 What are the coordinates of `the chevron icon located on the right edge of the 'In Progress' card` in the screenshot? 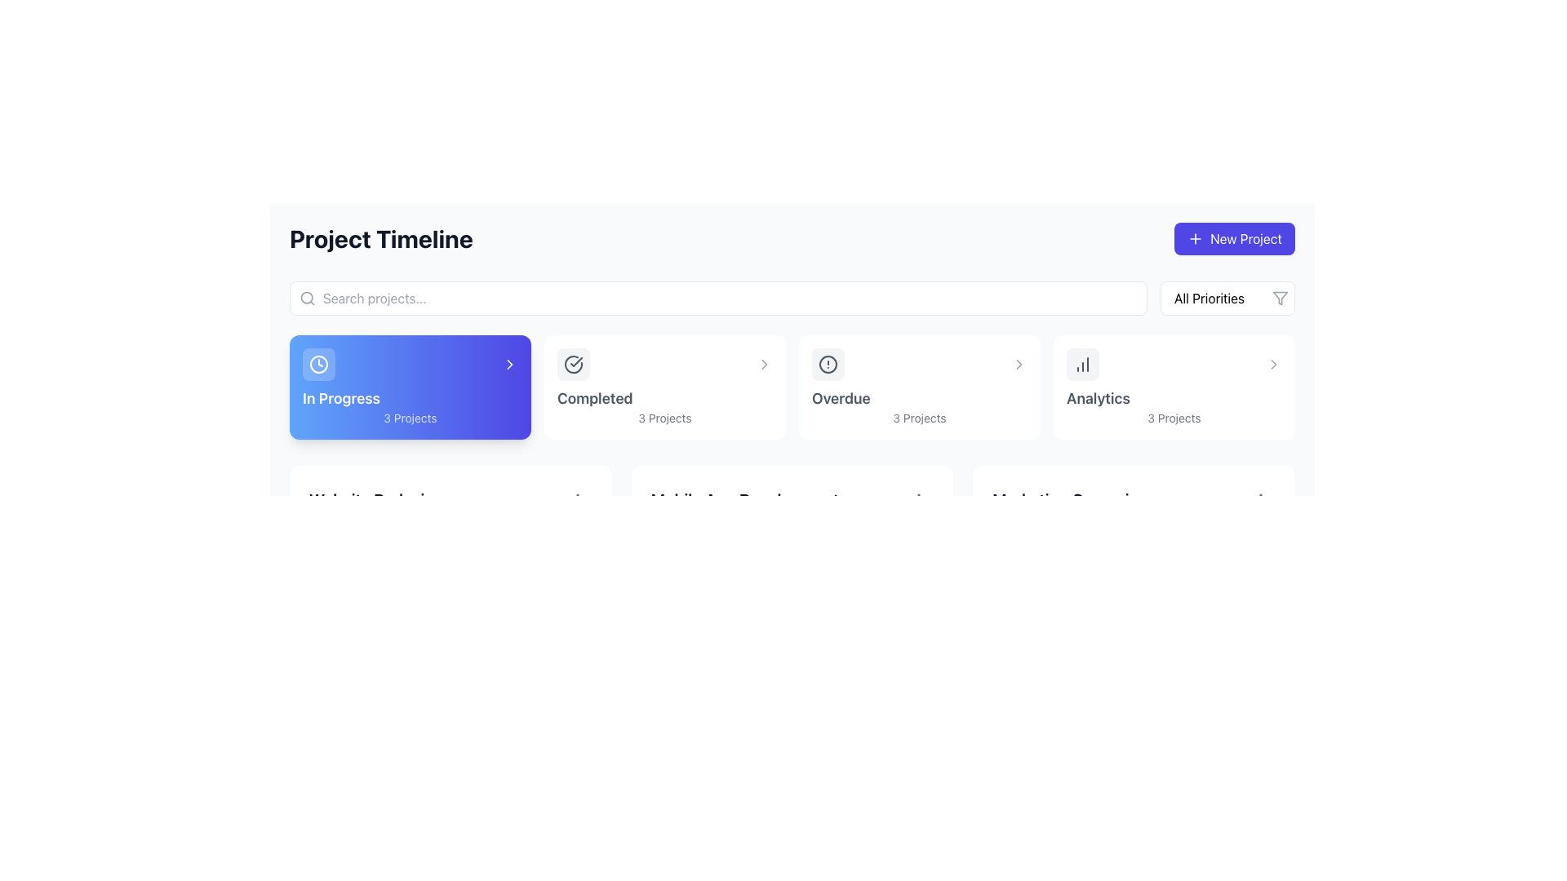 It's located at (508, 364).